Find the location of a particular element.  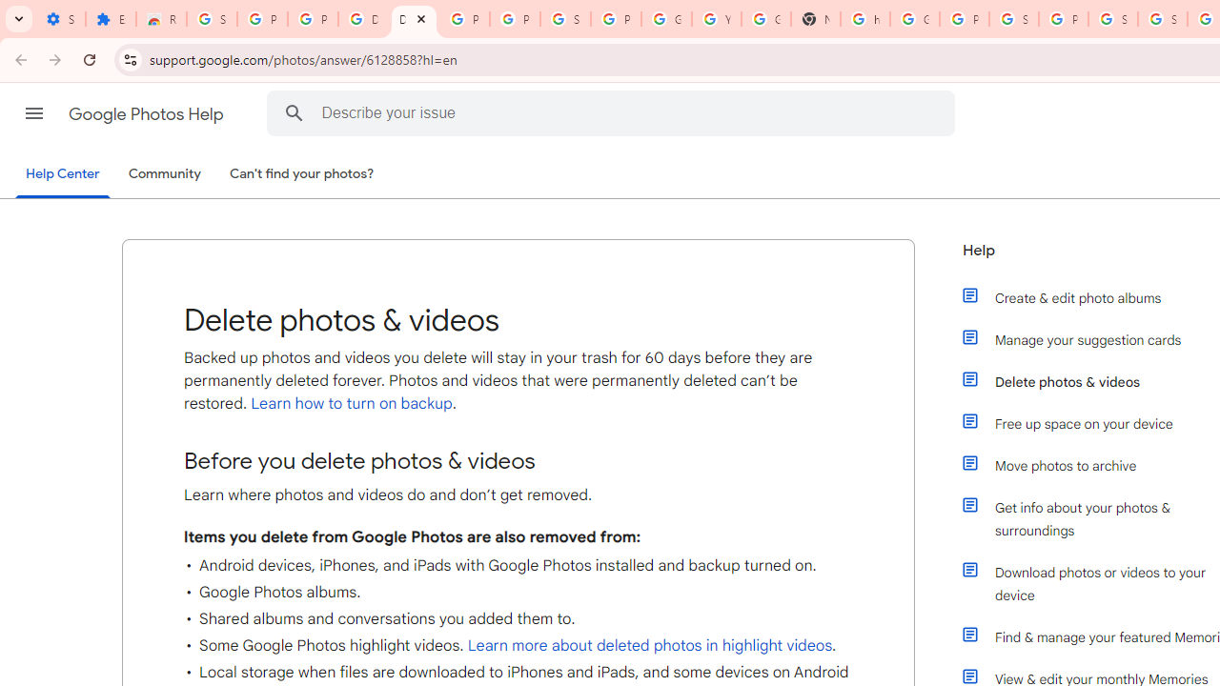

'Google Photos Help' is located at coordinates (147, 113).